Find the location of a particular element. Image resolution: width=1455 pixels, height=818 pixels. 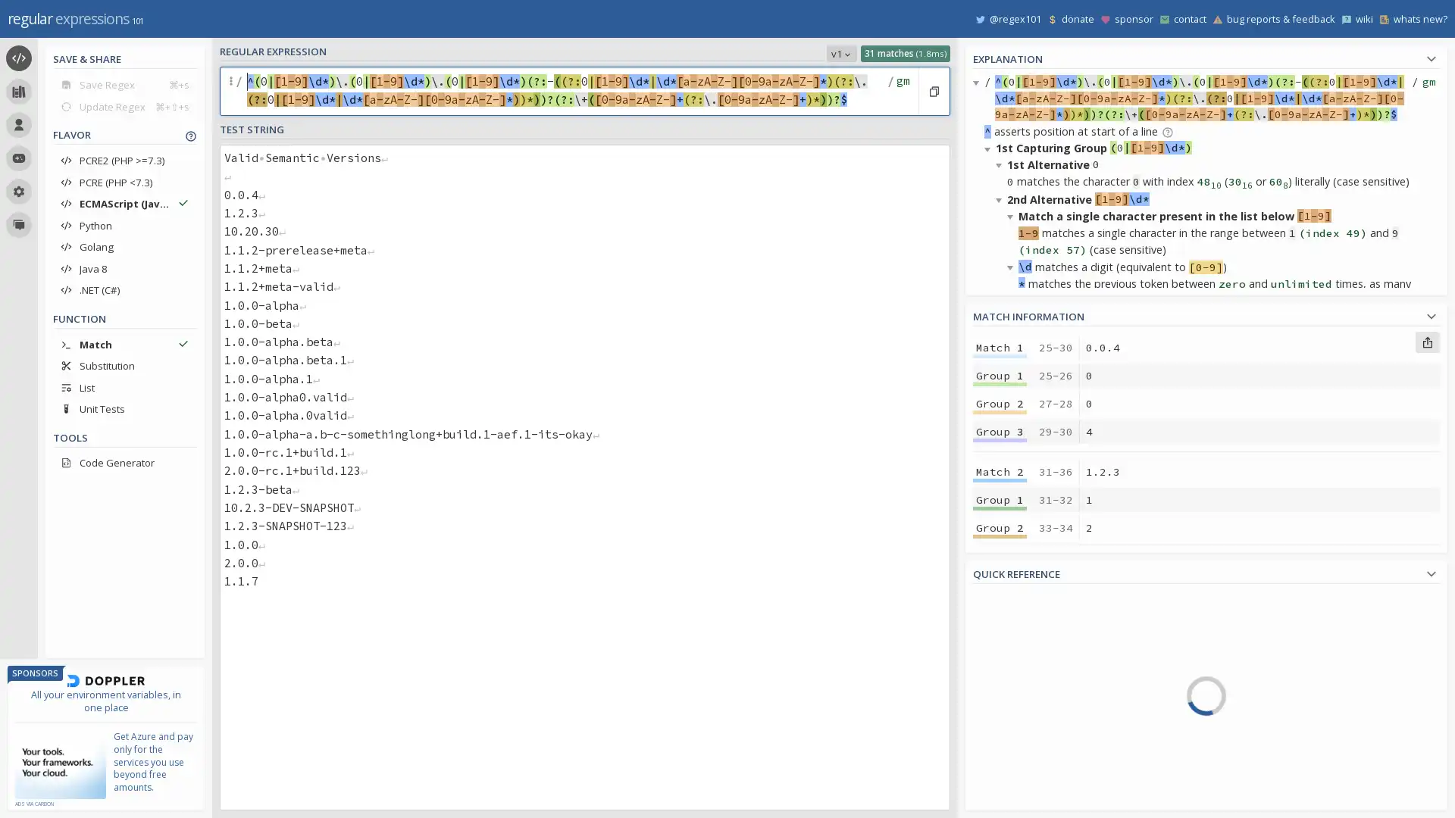

Export Matches is located at coordinates (1426, 342).